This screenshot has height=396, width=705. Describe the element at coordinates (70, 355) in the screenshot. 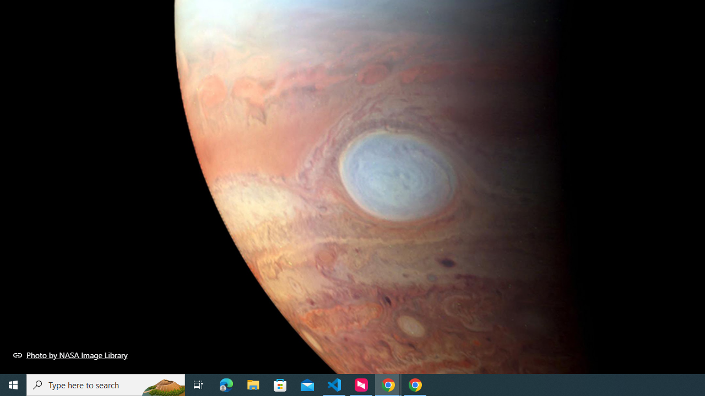

I see `'Photo by NASA Image Library'` at that location.